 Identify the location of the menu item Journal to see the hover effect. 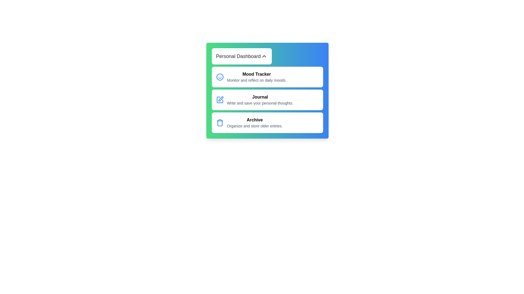
(267, 100).